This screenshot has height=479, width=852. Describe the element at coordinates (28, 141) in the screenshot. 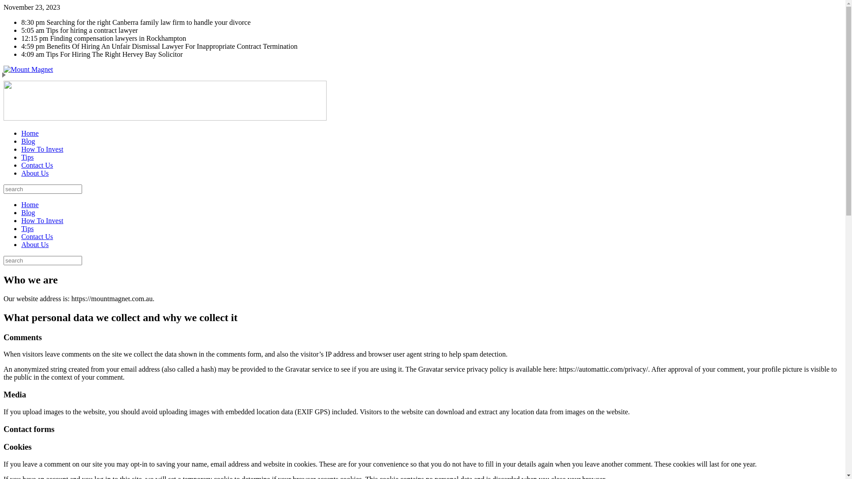

I see `'Blog'` at that location.